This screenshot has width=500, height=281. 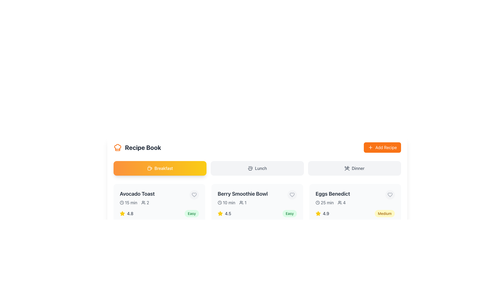 I want to click on the text label that indicates the preparation or cooking time for the 'Avocado Toast' recipe, which is located within the card for 'Avocado Toast' under the 'Breakfast' category, so click(x=131, y=202).